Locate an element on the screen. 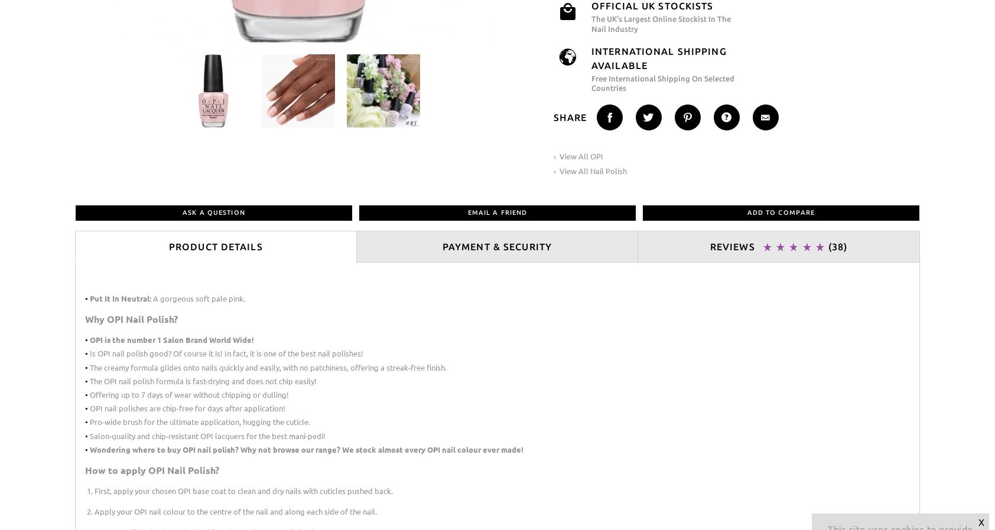  'False Eyelashes' is located at coordinates (536, 87).